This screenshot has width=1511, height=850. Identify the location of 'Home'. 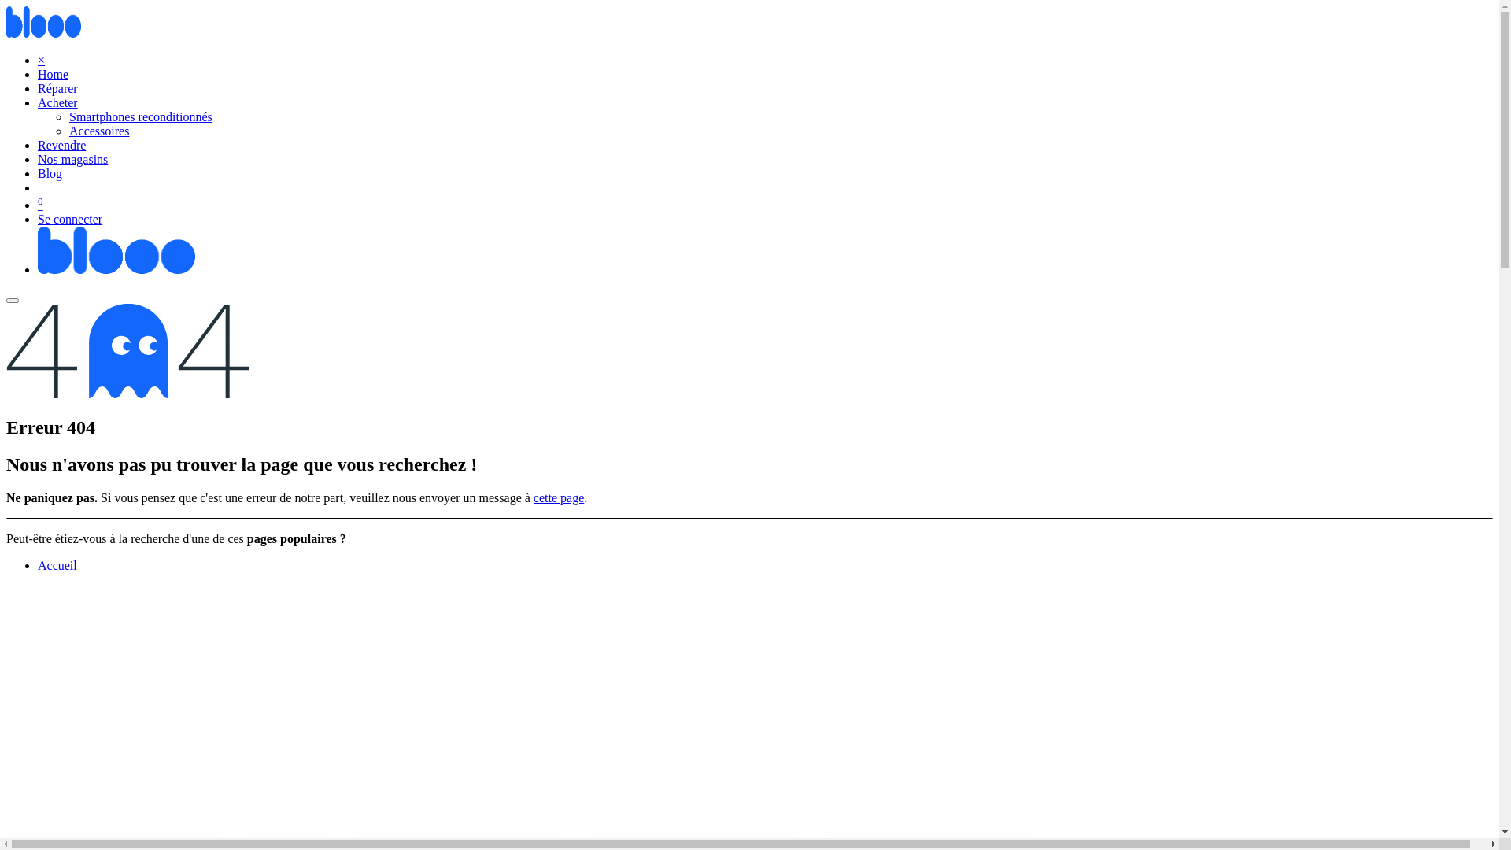
(53, 74).